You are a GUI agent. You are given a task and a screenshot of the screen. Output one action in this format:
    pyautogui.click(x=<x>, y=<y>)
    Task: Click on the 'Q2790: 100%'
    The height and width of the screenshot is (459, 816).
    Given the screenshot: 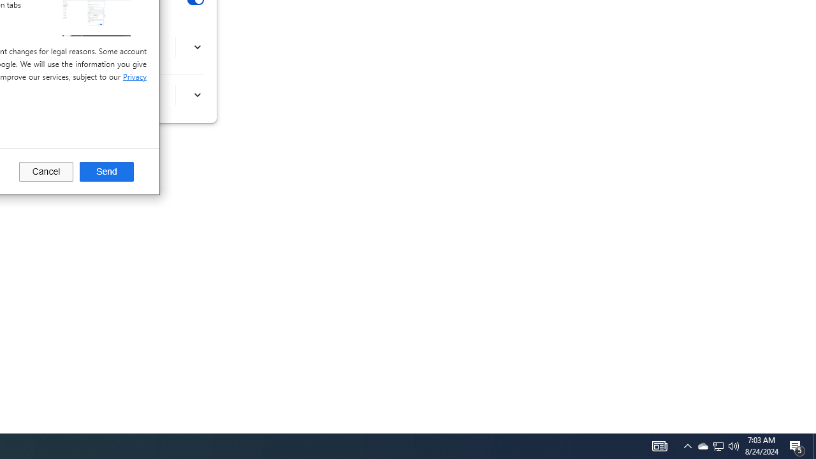 What is the action you would take?
    pyautogui.click(x=734, y=445)
    